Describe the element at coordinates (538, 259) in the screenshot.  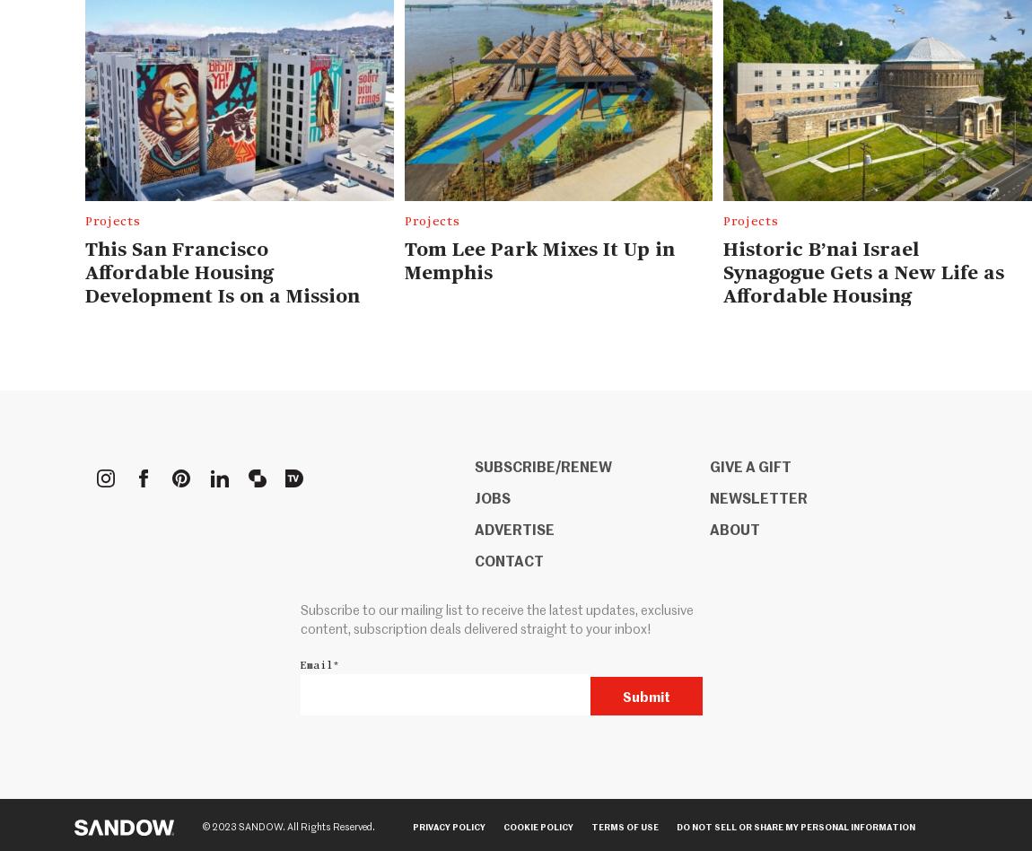
I see `'Tom Lee Park Mixes It Up in Memphis'` at that location.